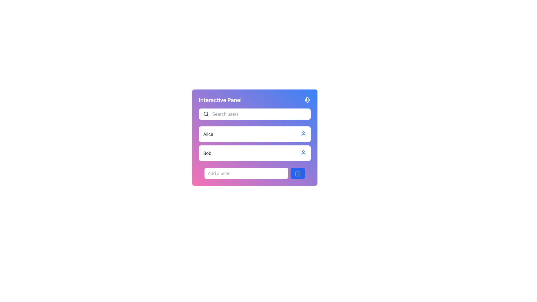 Image resolution: width=537 pixels, height=302 pixels. What do you see at coordinates (255, 134) in the screenshot?
I see `the first list item containing the text 'Alice' with a user icon on the right side, located under the 'Interactive Panel' heading` at bounding box center [255, 134].